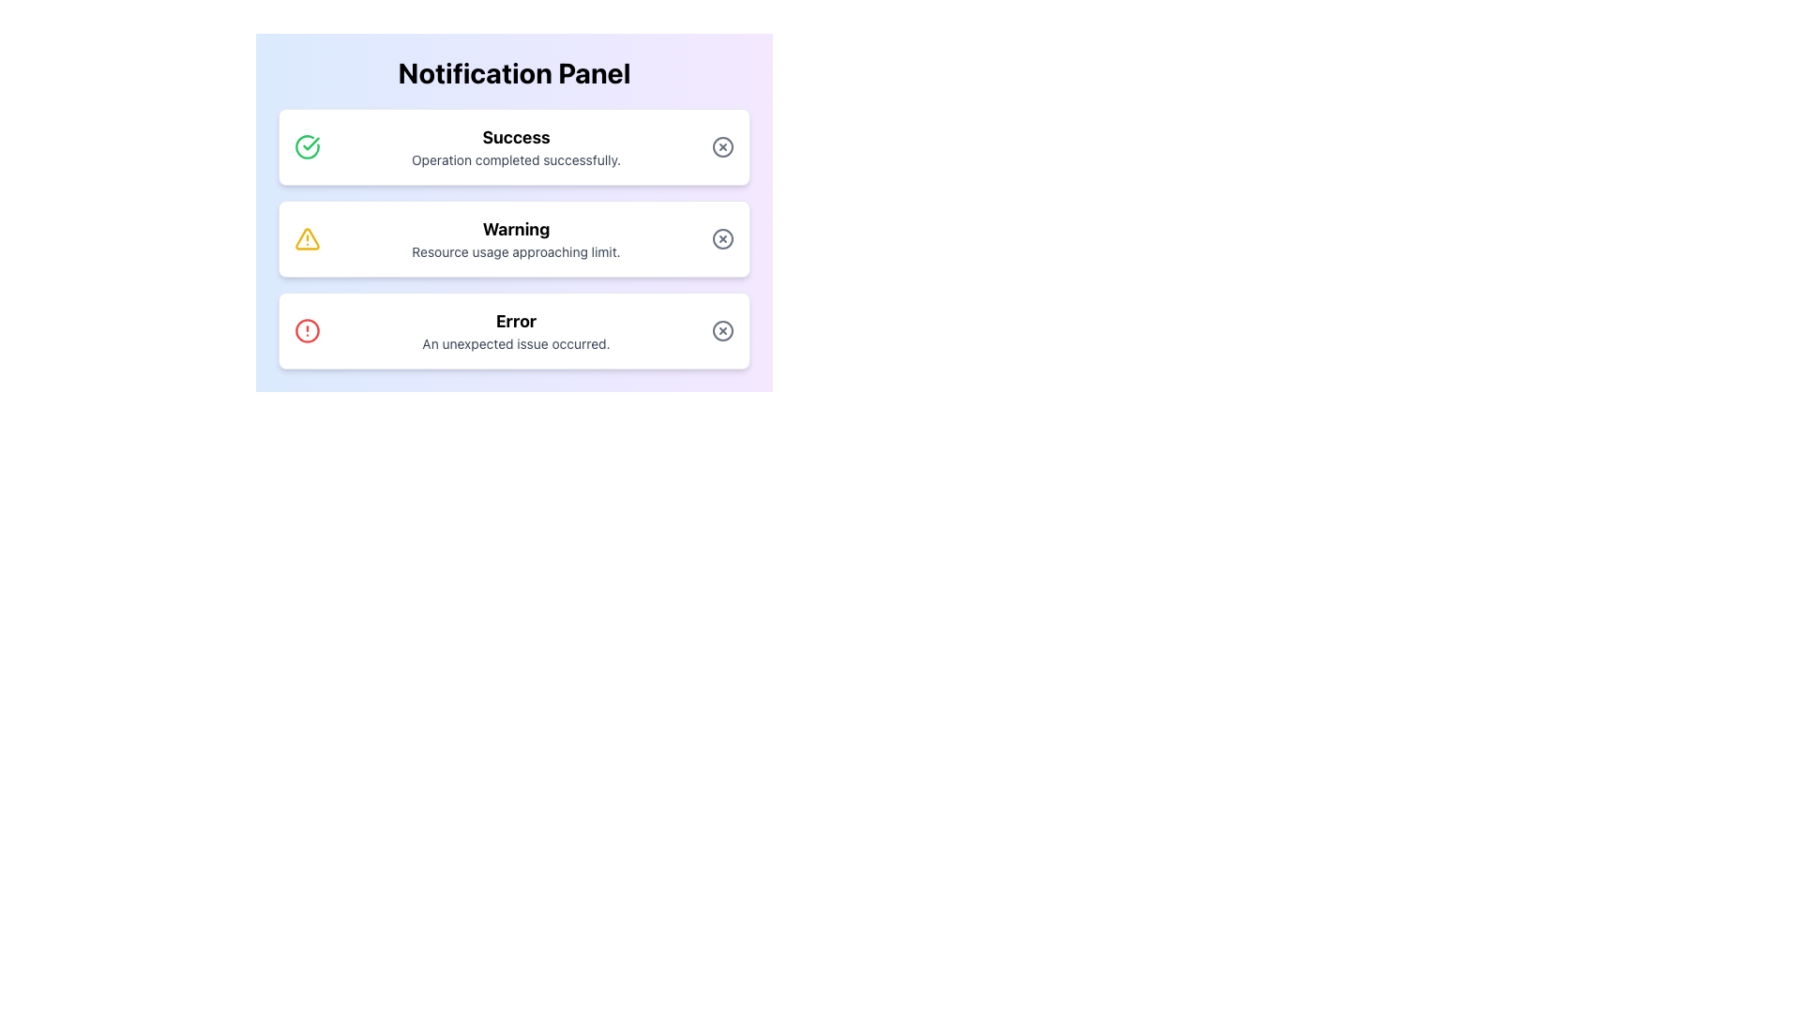 Image resolution: width=1801 pixels, height=1013 pixels. What do you see at coordinates (514, 237) in the screenshot?
I see `the notification box displaying a warning message with the word 'Warning' and description 'Resource usage approaching limit.'` at bounding box center [514, 237].